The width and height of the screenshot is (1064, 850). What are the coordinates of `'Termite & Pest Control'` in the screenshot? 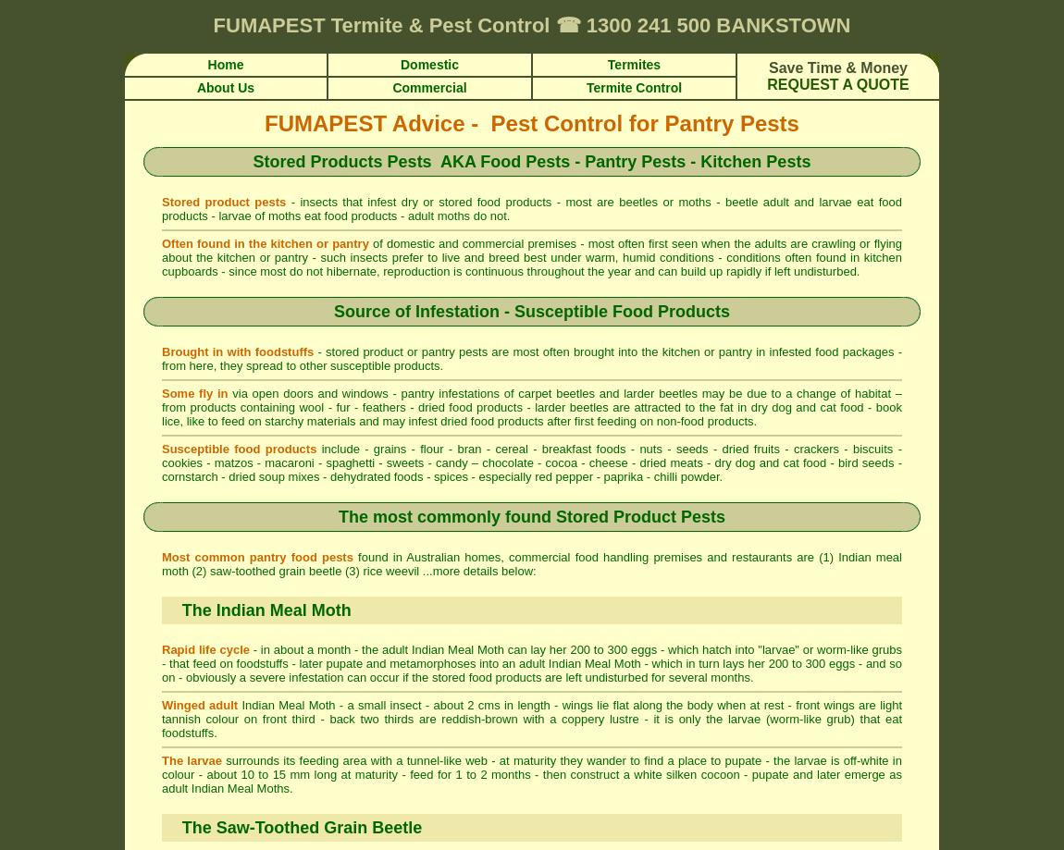 It's located at (329, 25).